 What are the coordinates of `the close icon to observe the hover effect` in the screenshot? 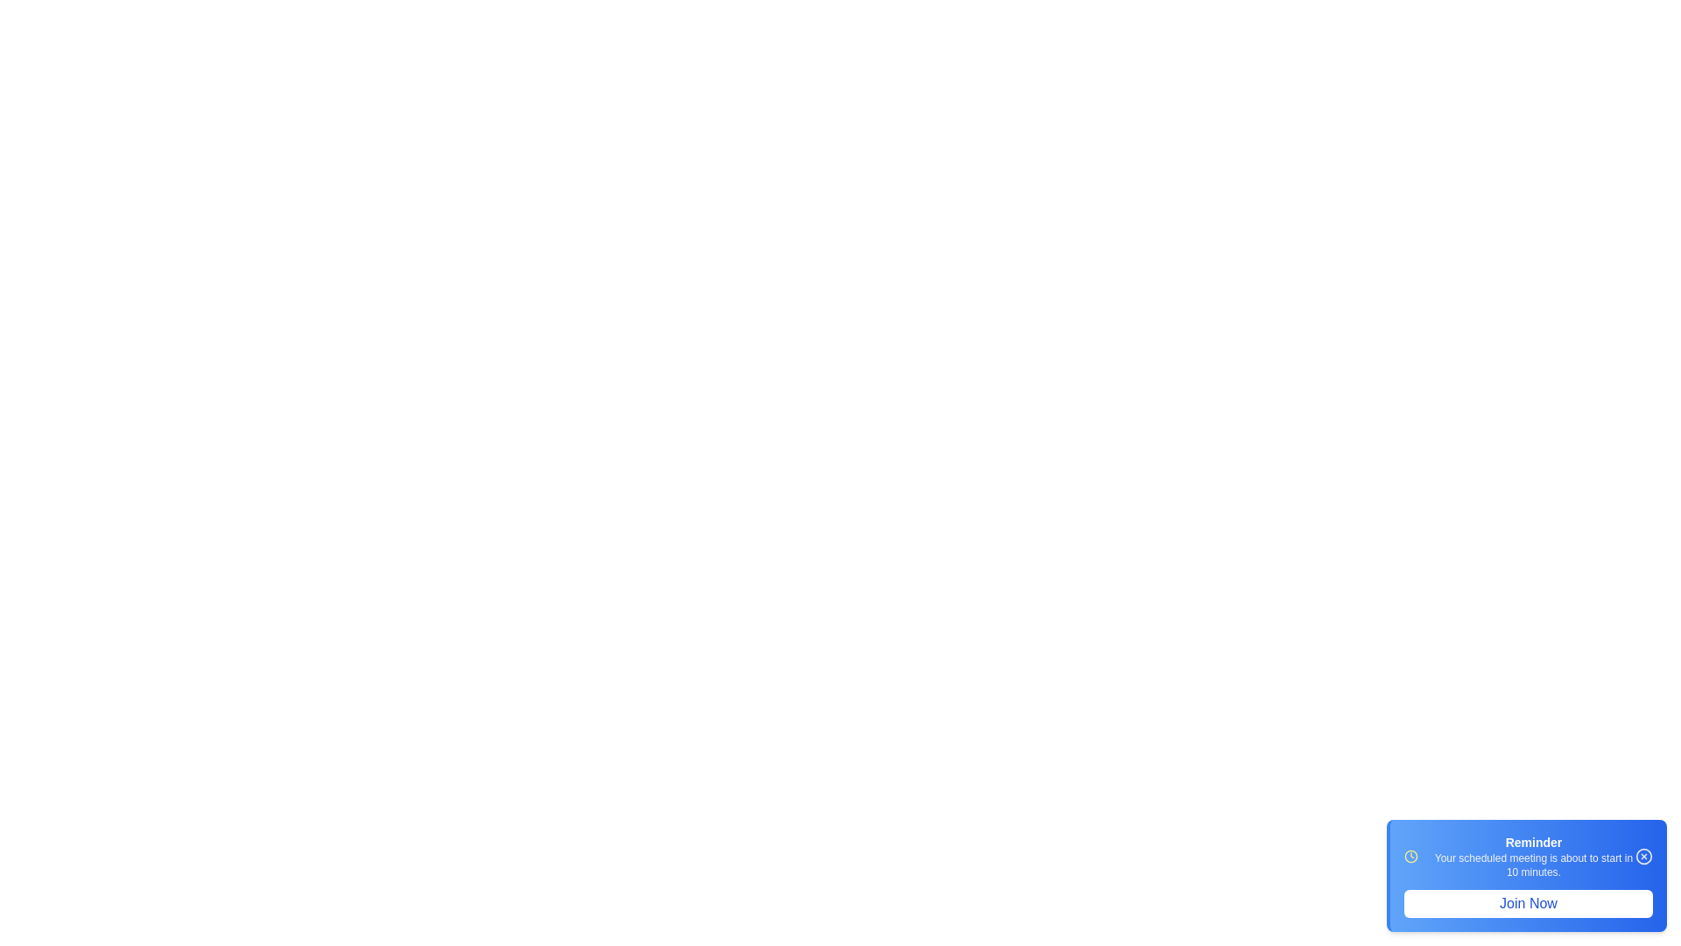 It's located at (1642, 856).